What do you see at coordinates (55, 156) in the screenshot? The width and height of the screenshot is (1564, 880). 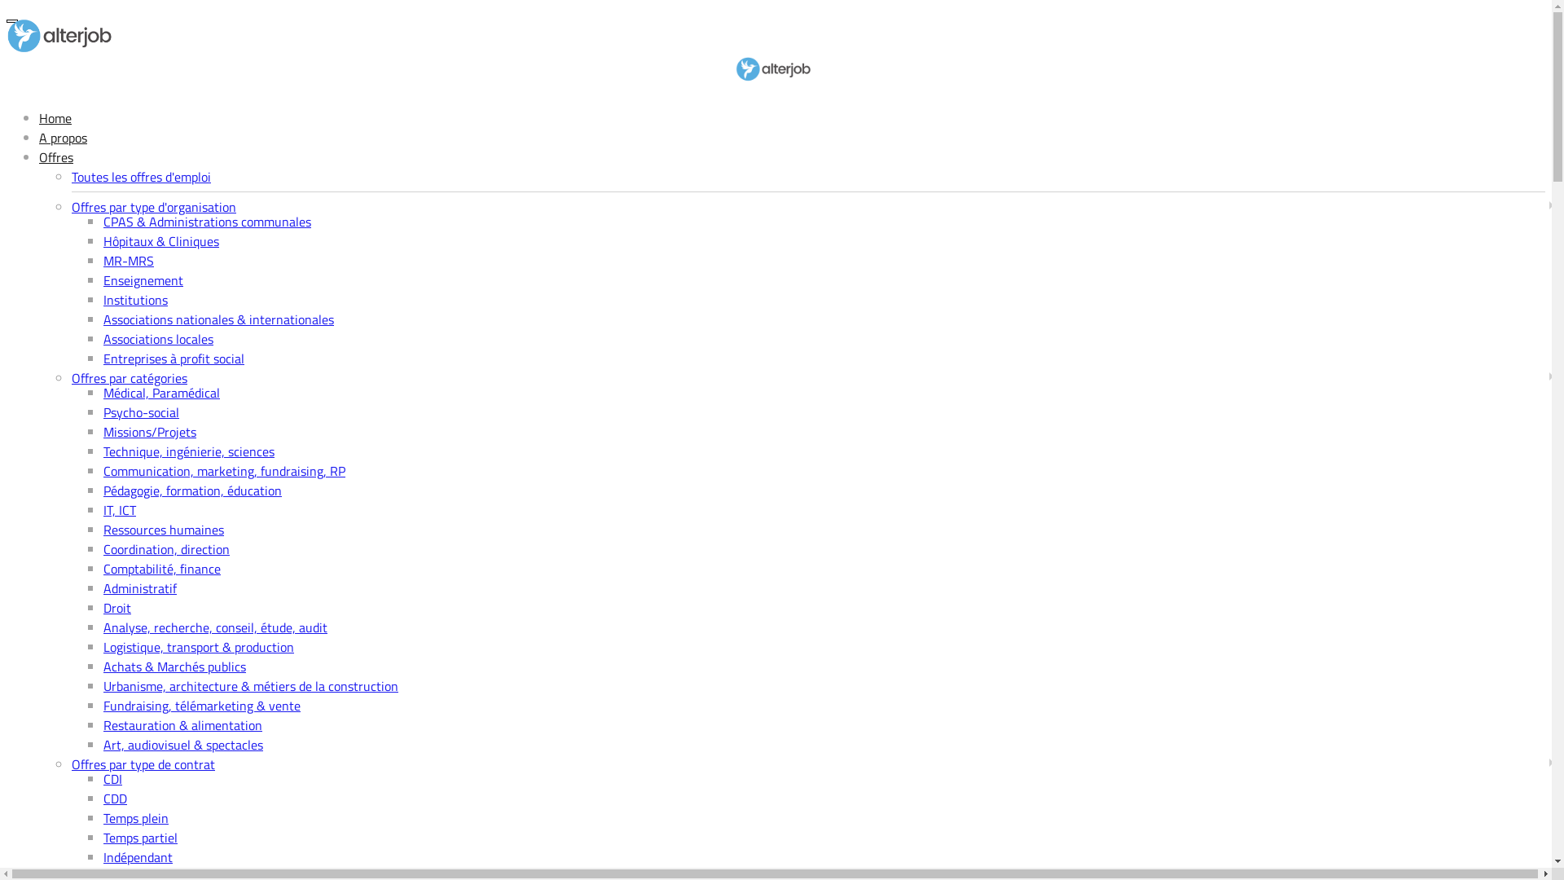 I see `'Offres'` at bounding box center [55, 156].